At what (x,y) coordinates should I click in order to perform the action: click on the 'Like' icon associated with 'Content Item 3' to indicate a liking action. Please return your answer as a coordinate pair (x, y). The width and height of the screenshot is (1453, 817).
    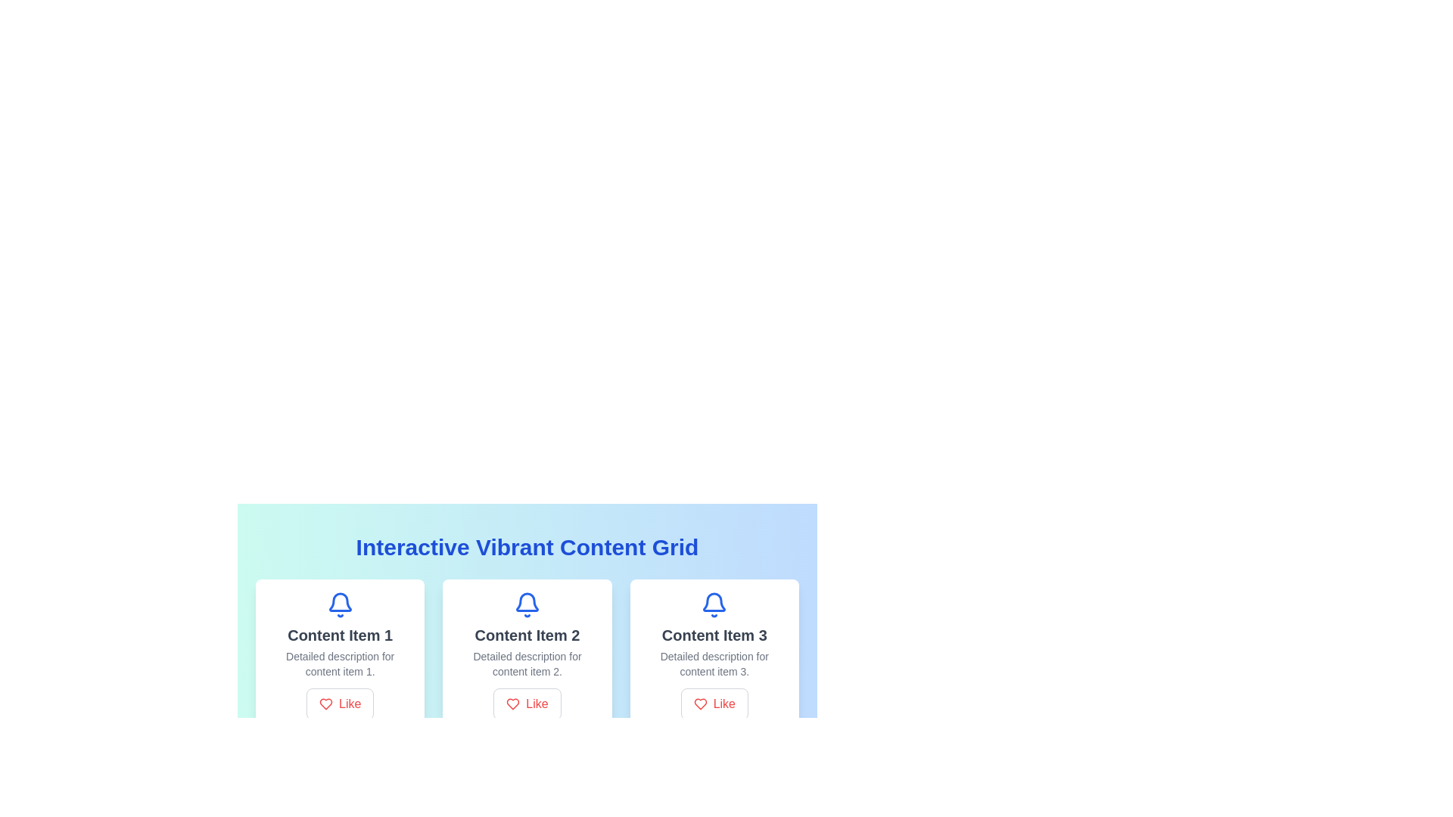
    Looking at the image, I should click on (699, 704).